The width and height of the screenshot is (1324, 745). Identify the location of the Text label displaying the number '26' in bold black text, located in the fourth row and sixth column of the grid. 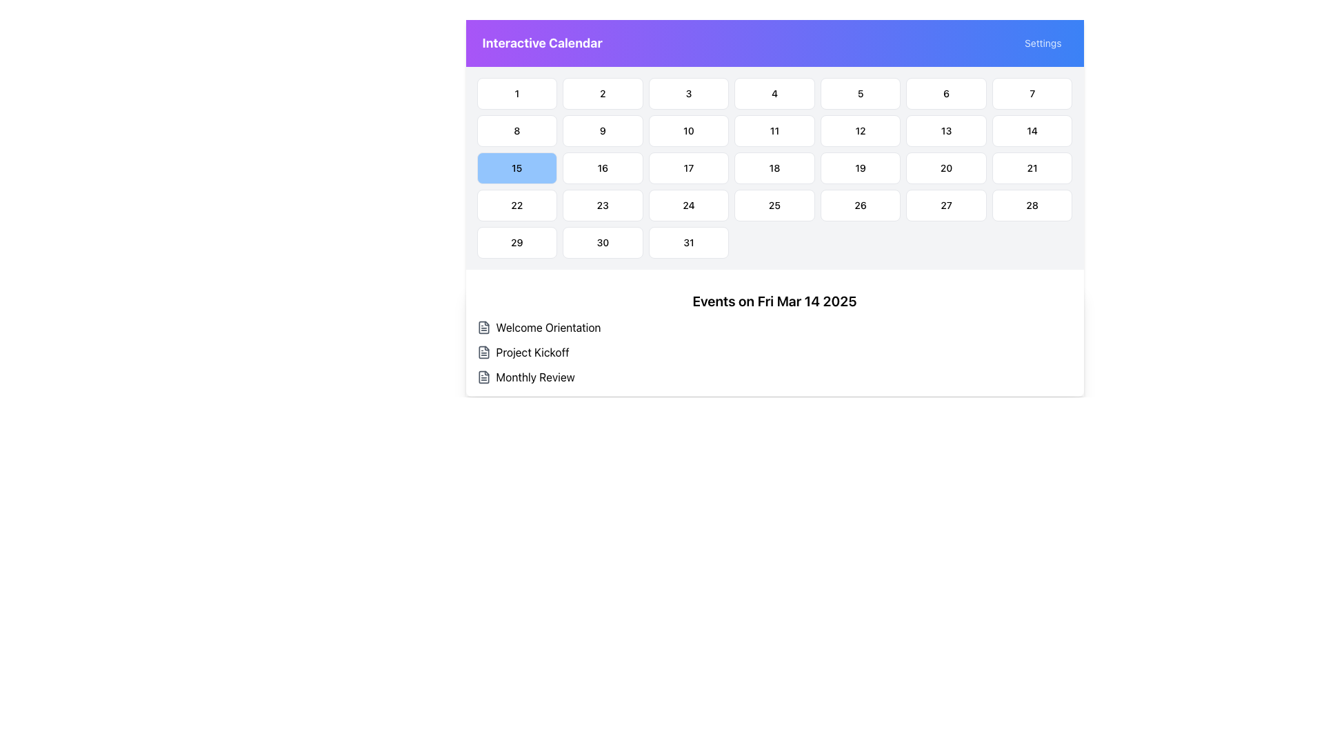
(860, 205).